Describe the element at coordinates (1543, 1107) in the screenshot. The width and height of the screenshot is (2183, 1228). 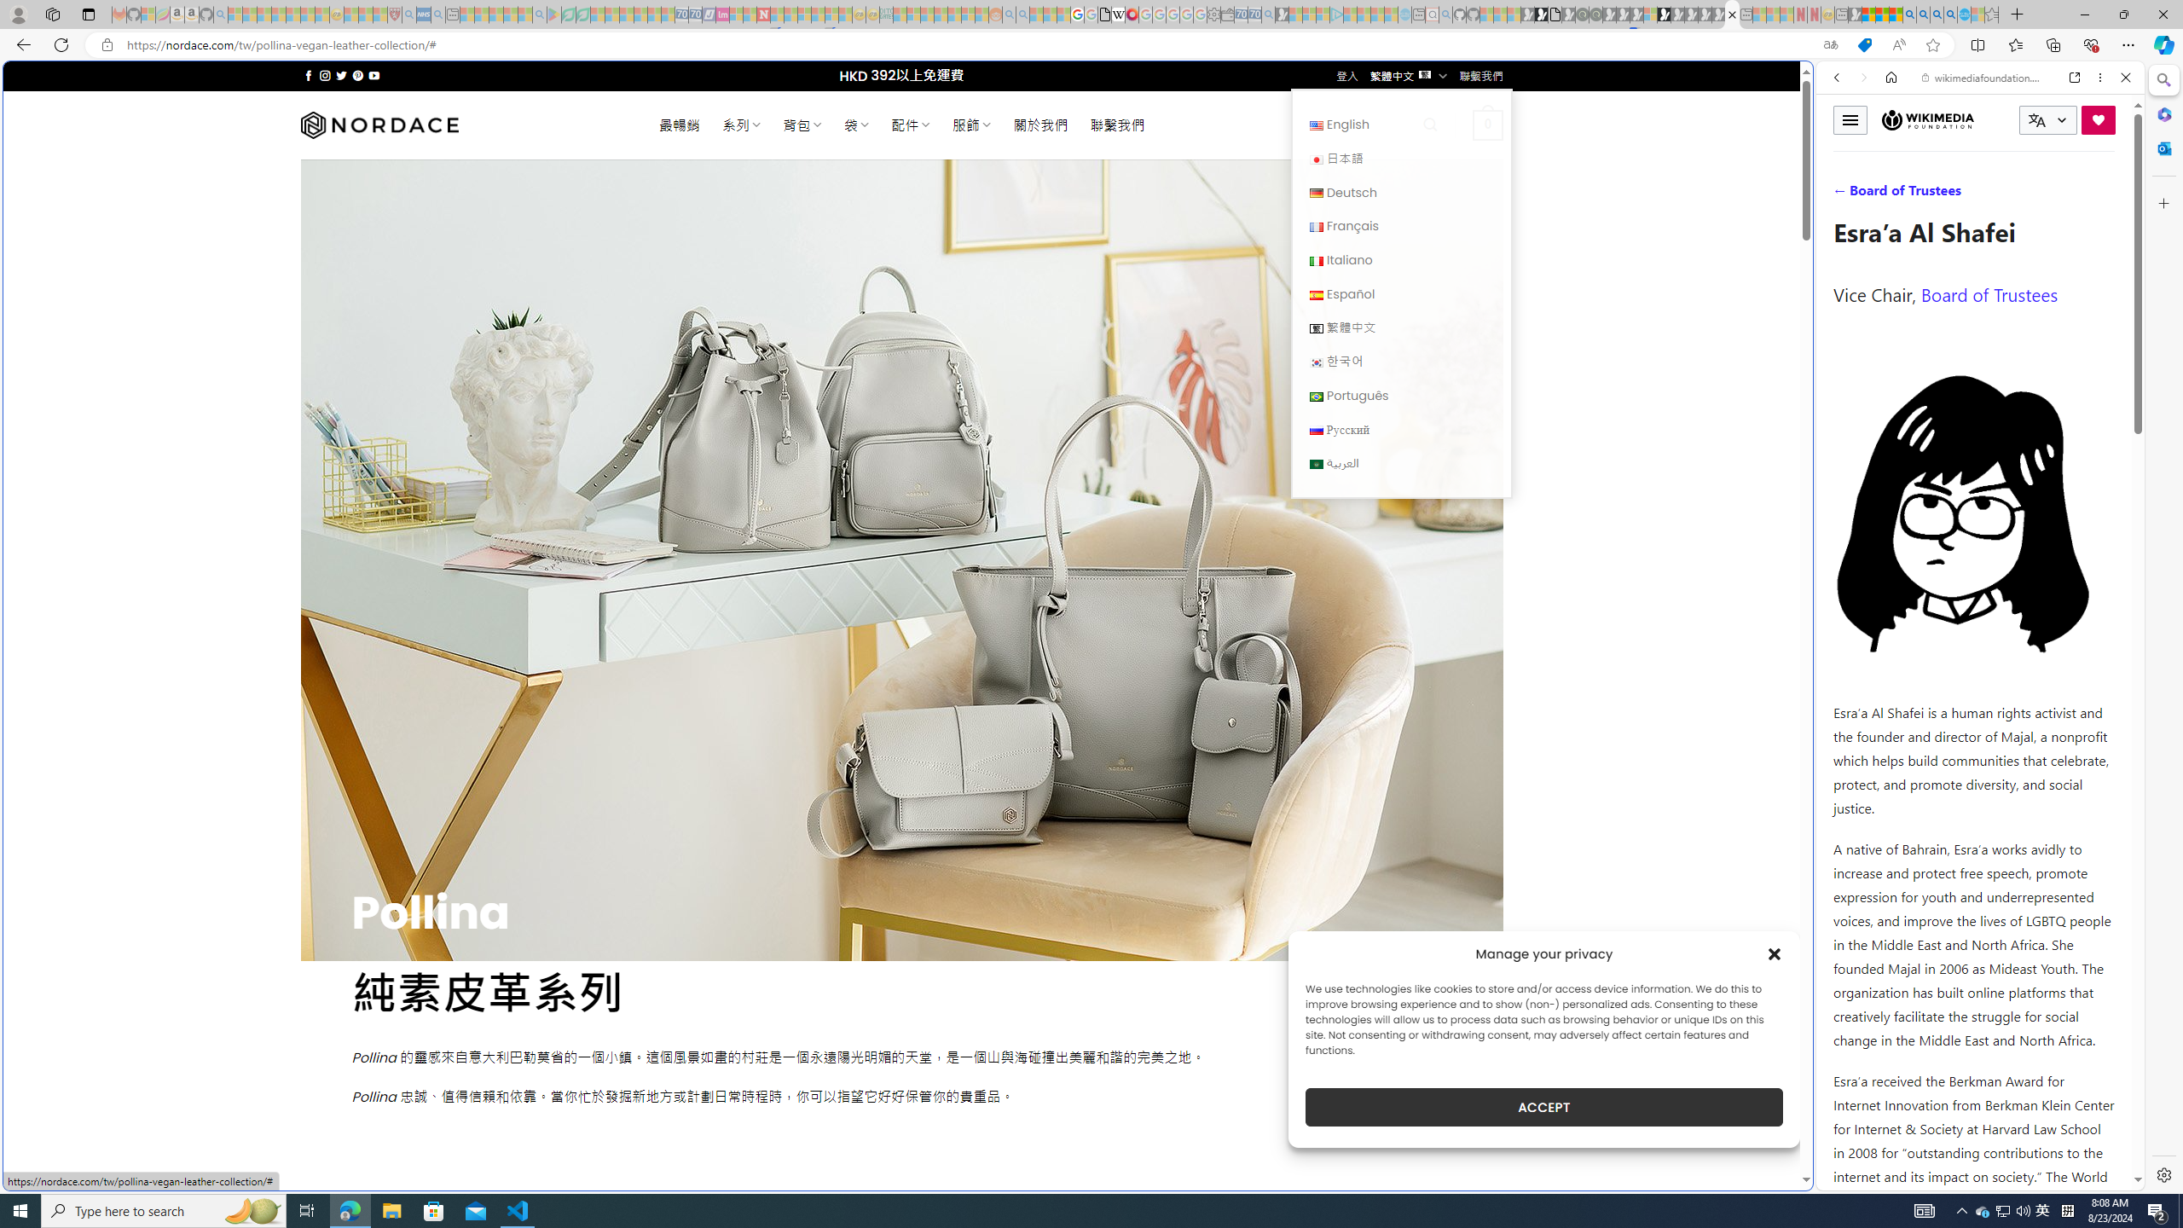
I see `'ACCEPT'` at that location.